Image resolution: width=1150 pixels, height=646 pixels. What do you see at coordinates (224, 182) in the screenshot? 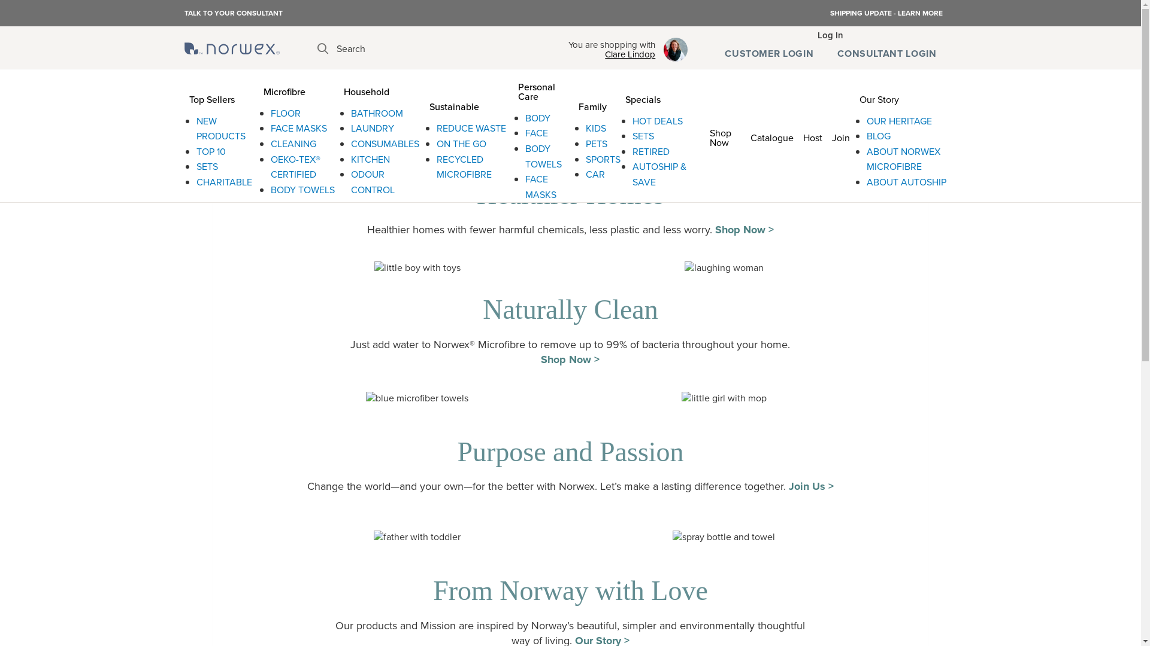
I see `'CHARITABLE'` at bounding box center [224, 182].